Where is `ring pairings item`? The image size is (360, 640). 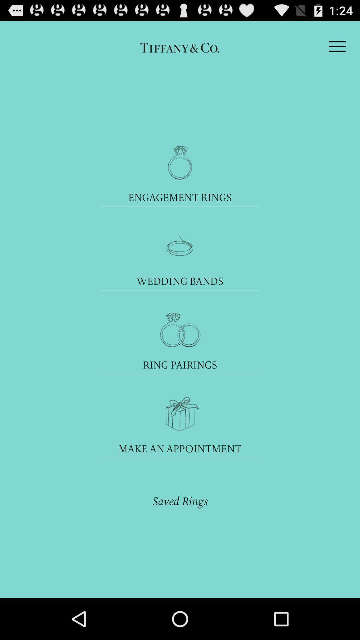
ring pairings item is located at coordinates (180, 364).